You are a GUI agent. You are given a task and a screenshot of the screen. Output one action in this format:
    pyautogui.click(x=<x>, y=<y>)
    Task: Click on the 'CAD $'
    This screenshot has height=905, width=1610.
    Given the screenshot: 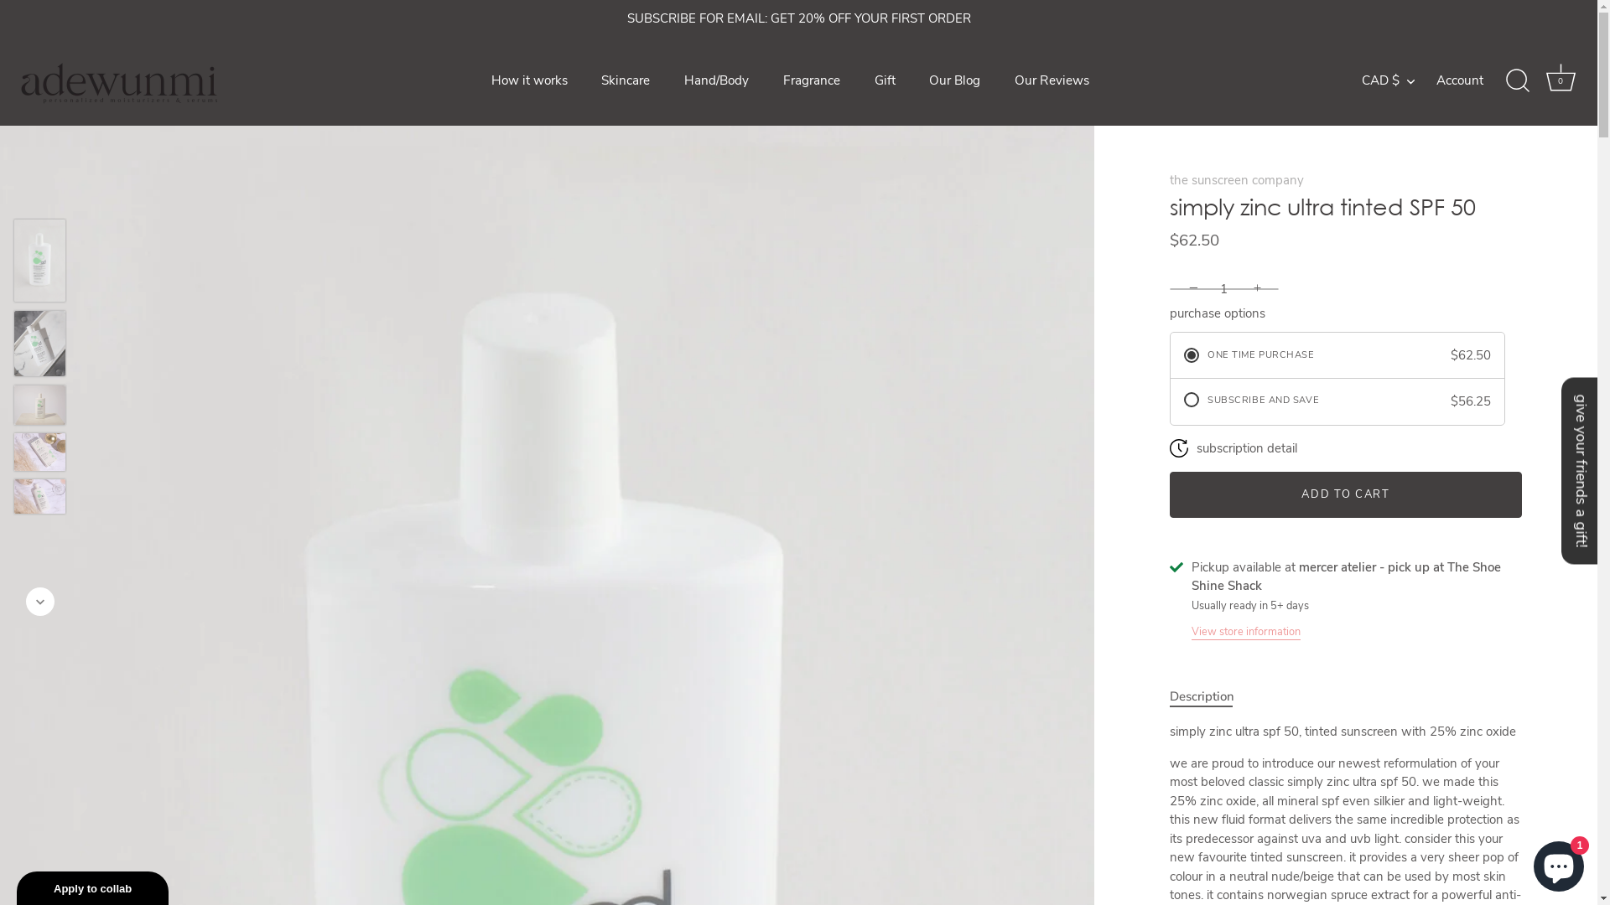 What is the action you would take?
    pyautogui.click(x=1397, y=80)
    